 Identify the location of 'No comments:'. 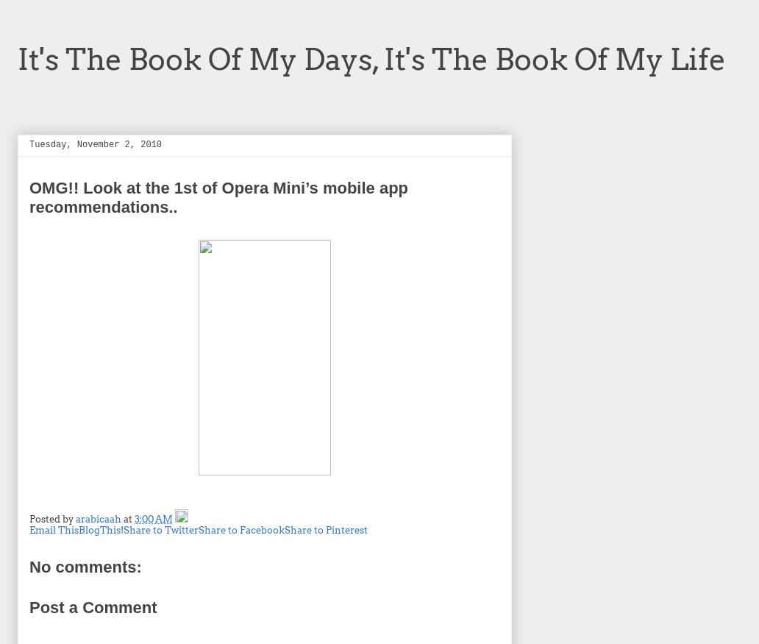
(85, 565).